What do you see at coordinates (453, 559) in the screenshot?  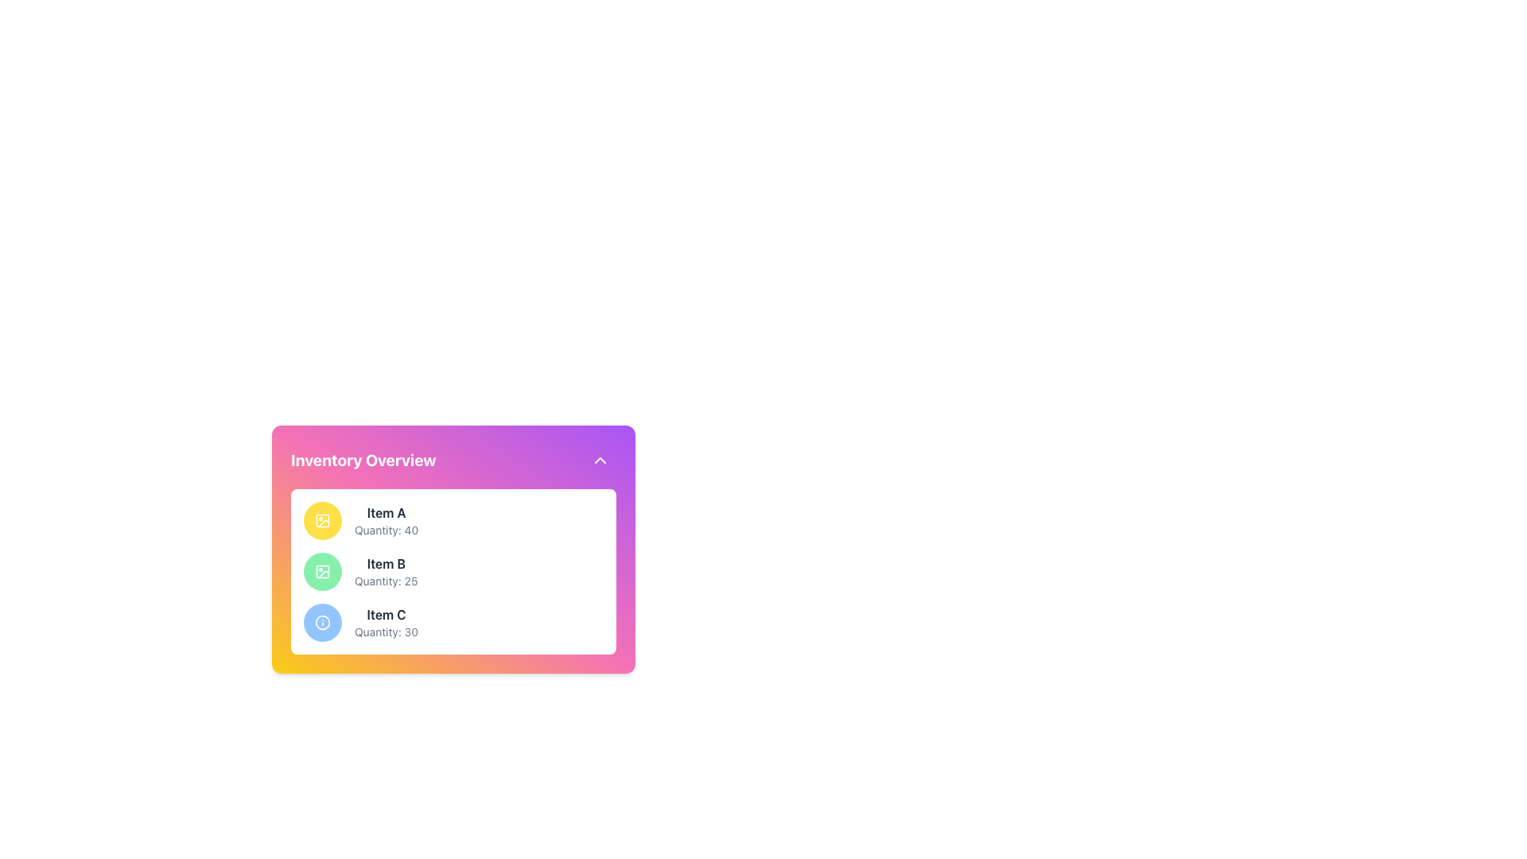 I see `the List Item displaying 'Item B' with quantity '25' in the inventory list` at bounding box center [453, 559].